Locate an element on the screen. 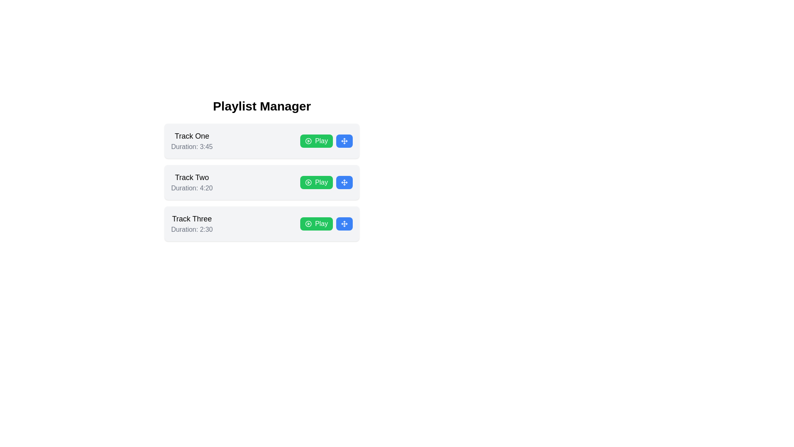 Image resolution: width=794 pixels, height=447 pixels. the circular play icon with a green border and white background located beside the 'Track One' label in the first row of the playlist is located at coordinates (308, 140).